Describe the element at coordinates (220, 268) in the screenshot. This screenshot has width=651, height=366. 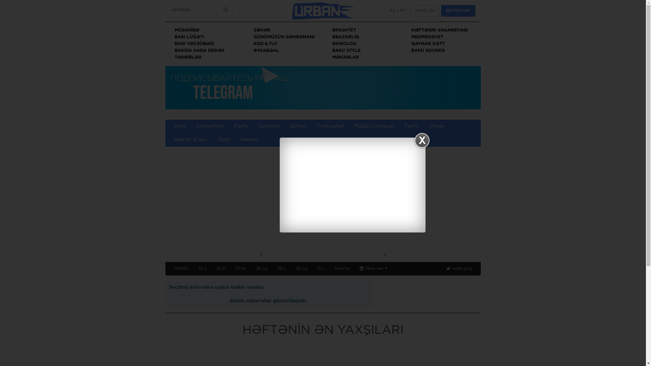
I see `'26.b'` at that location.